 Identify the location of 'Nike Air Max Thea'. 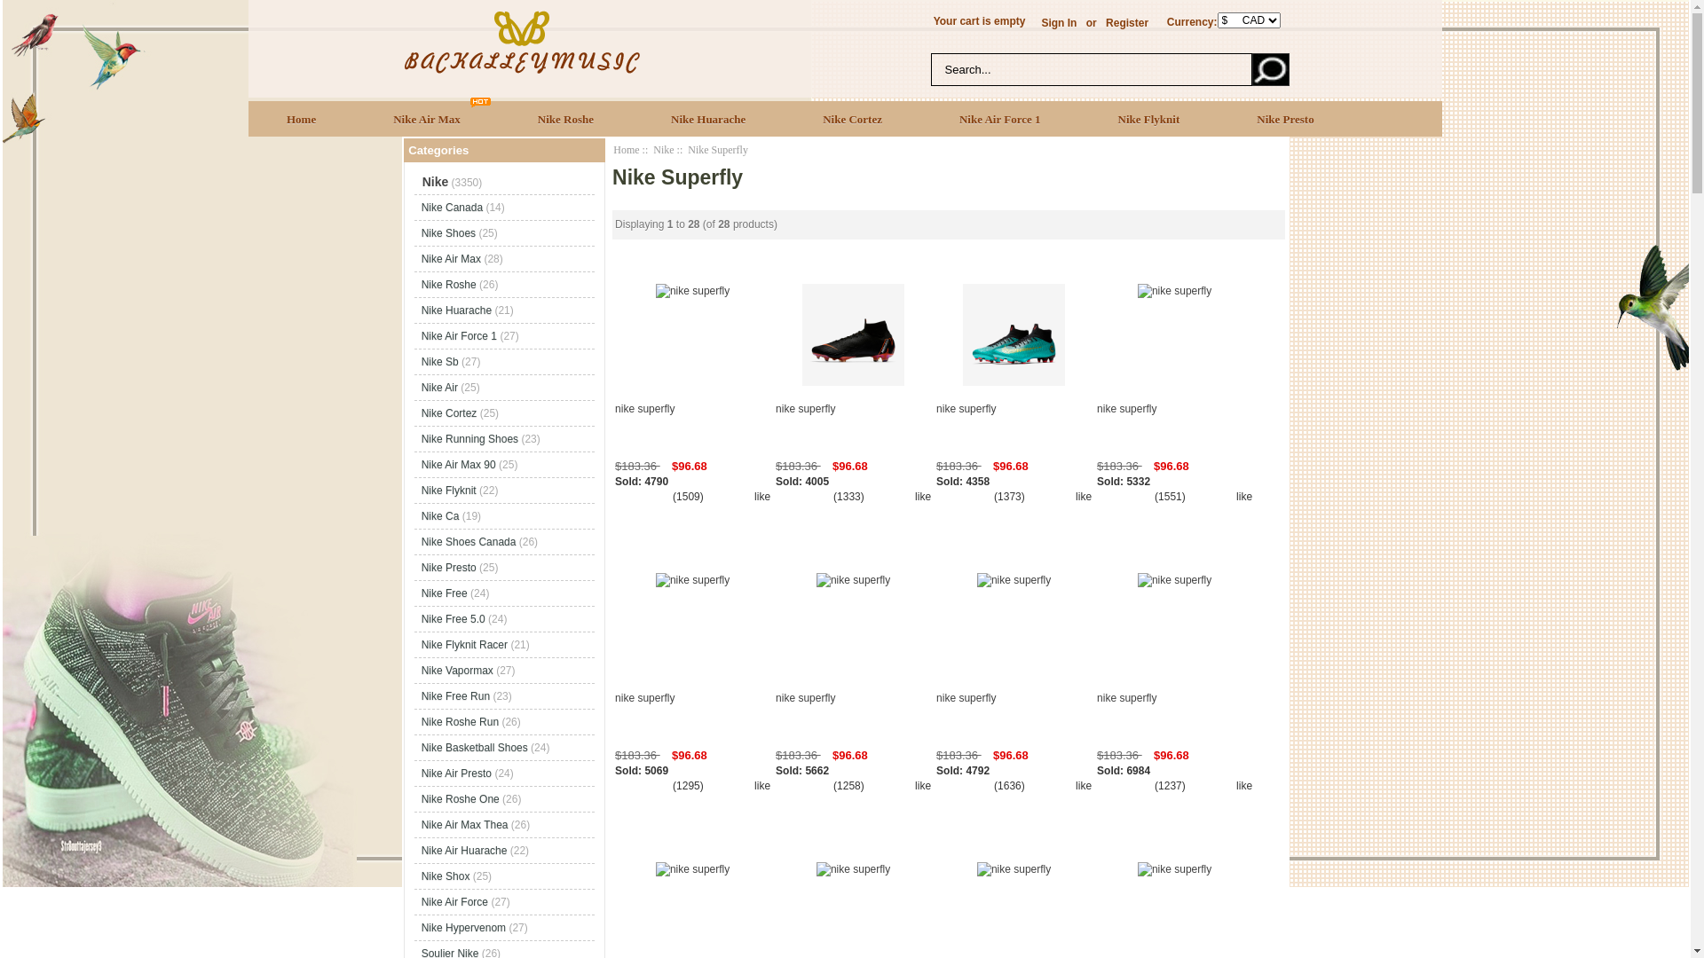
(421, 824).